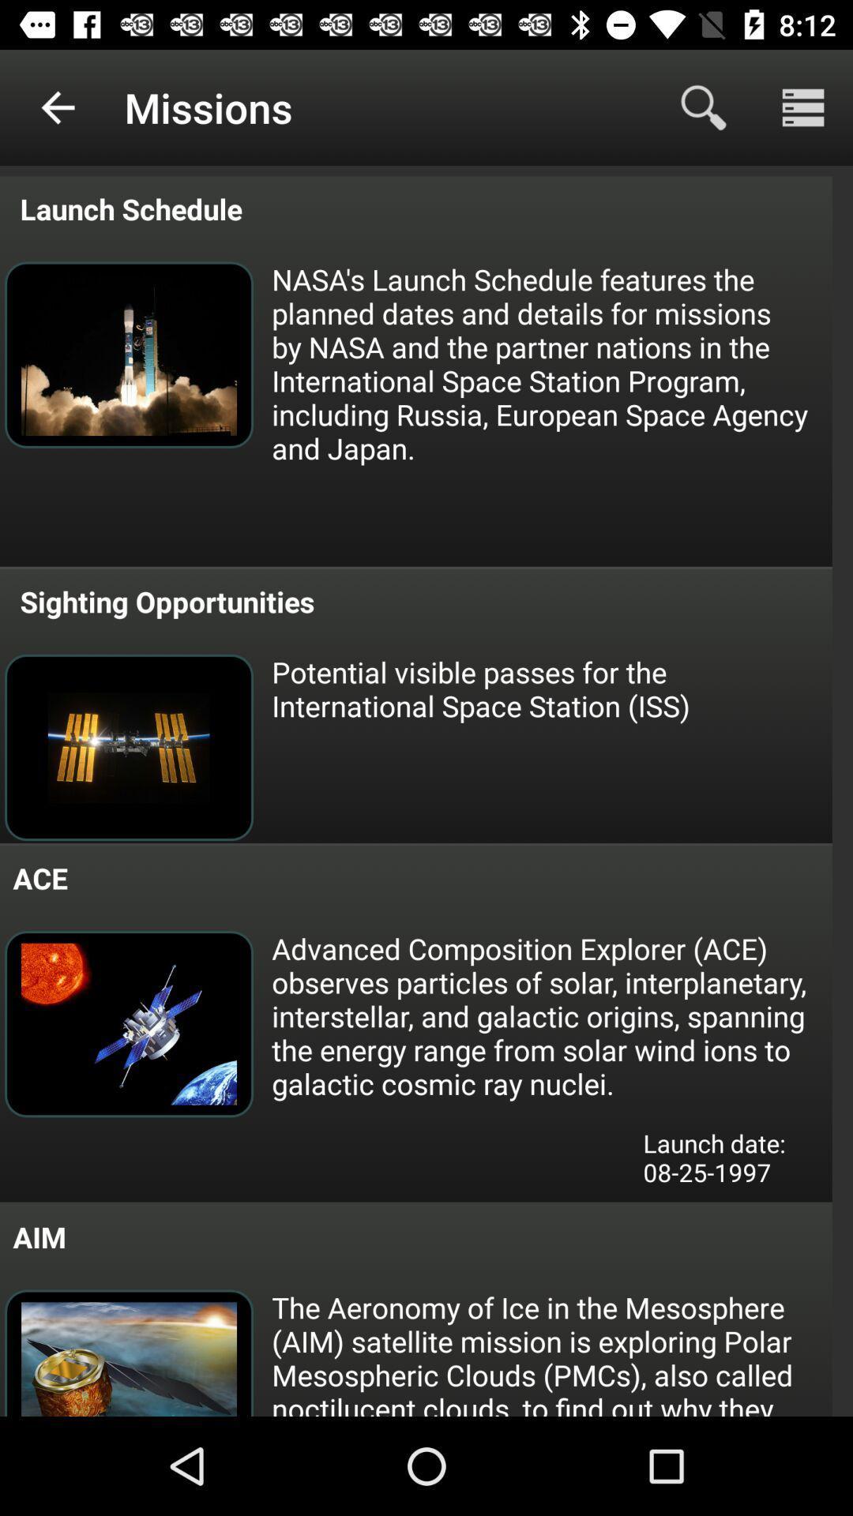  I want to click on icon above launch date 08 icon, so click(550, 1015).